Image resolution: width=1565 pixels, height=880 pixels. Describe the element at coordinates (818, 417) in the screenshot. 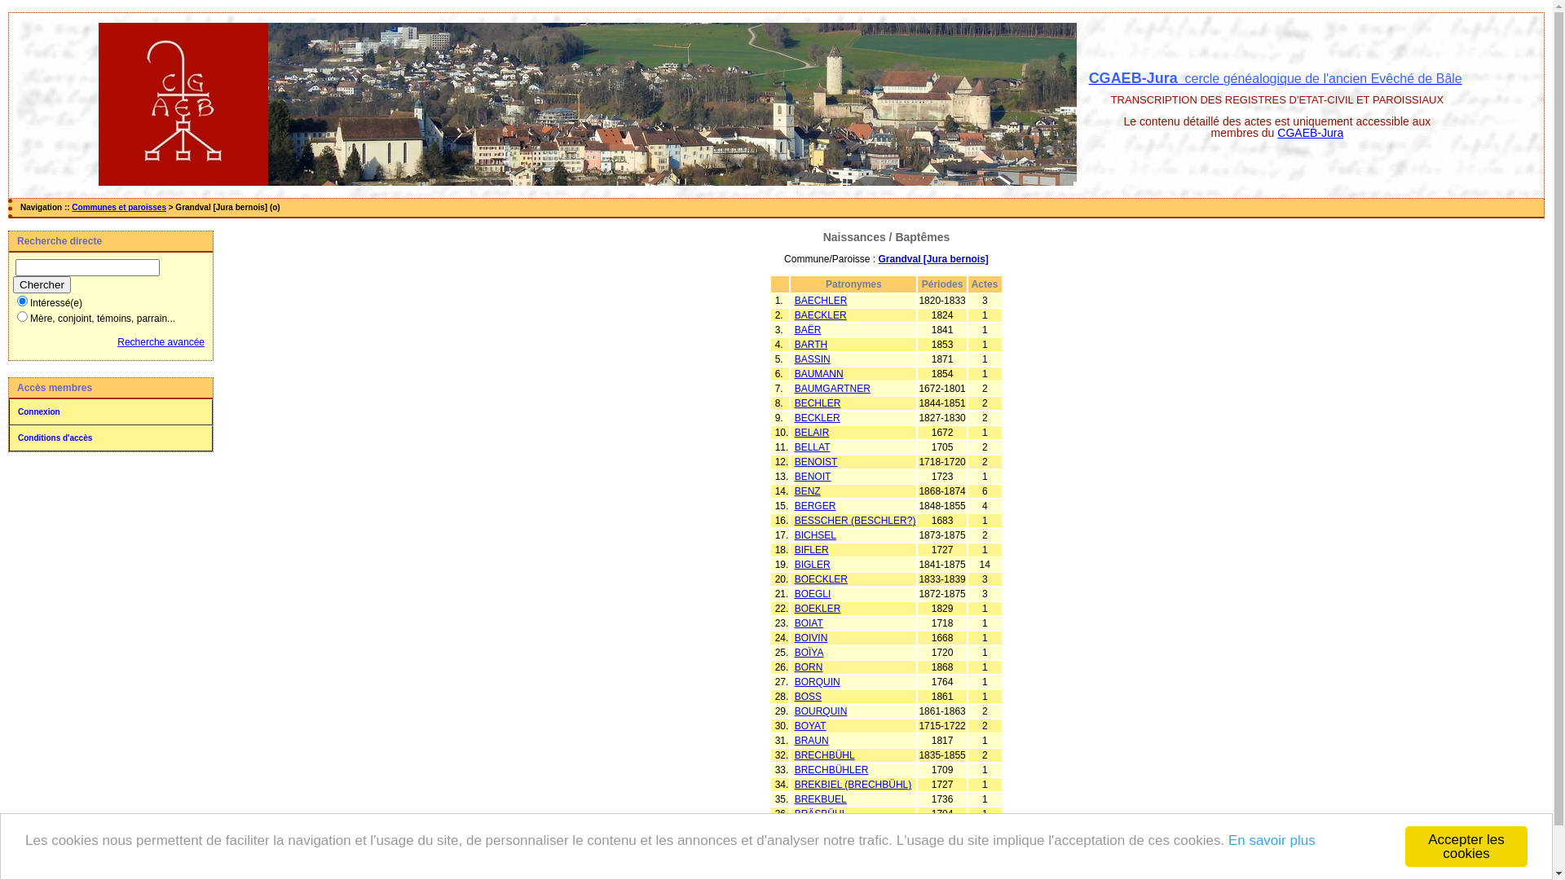

I see `'BECKLER'` at that location.